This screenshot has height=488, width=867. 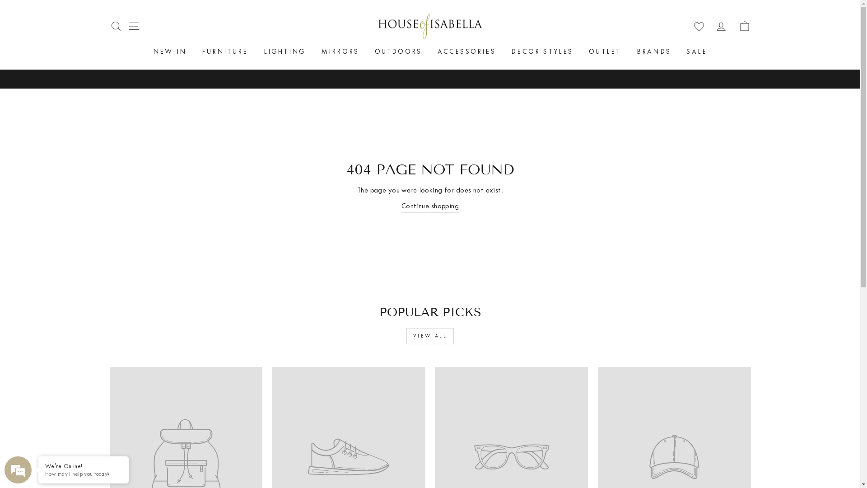 I want to click on 'LIGHTING', so click(x=284, y=52).